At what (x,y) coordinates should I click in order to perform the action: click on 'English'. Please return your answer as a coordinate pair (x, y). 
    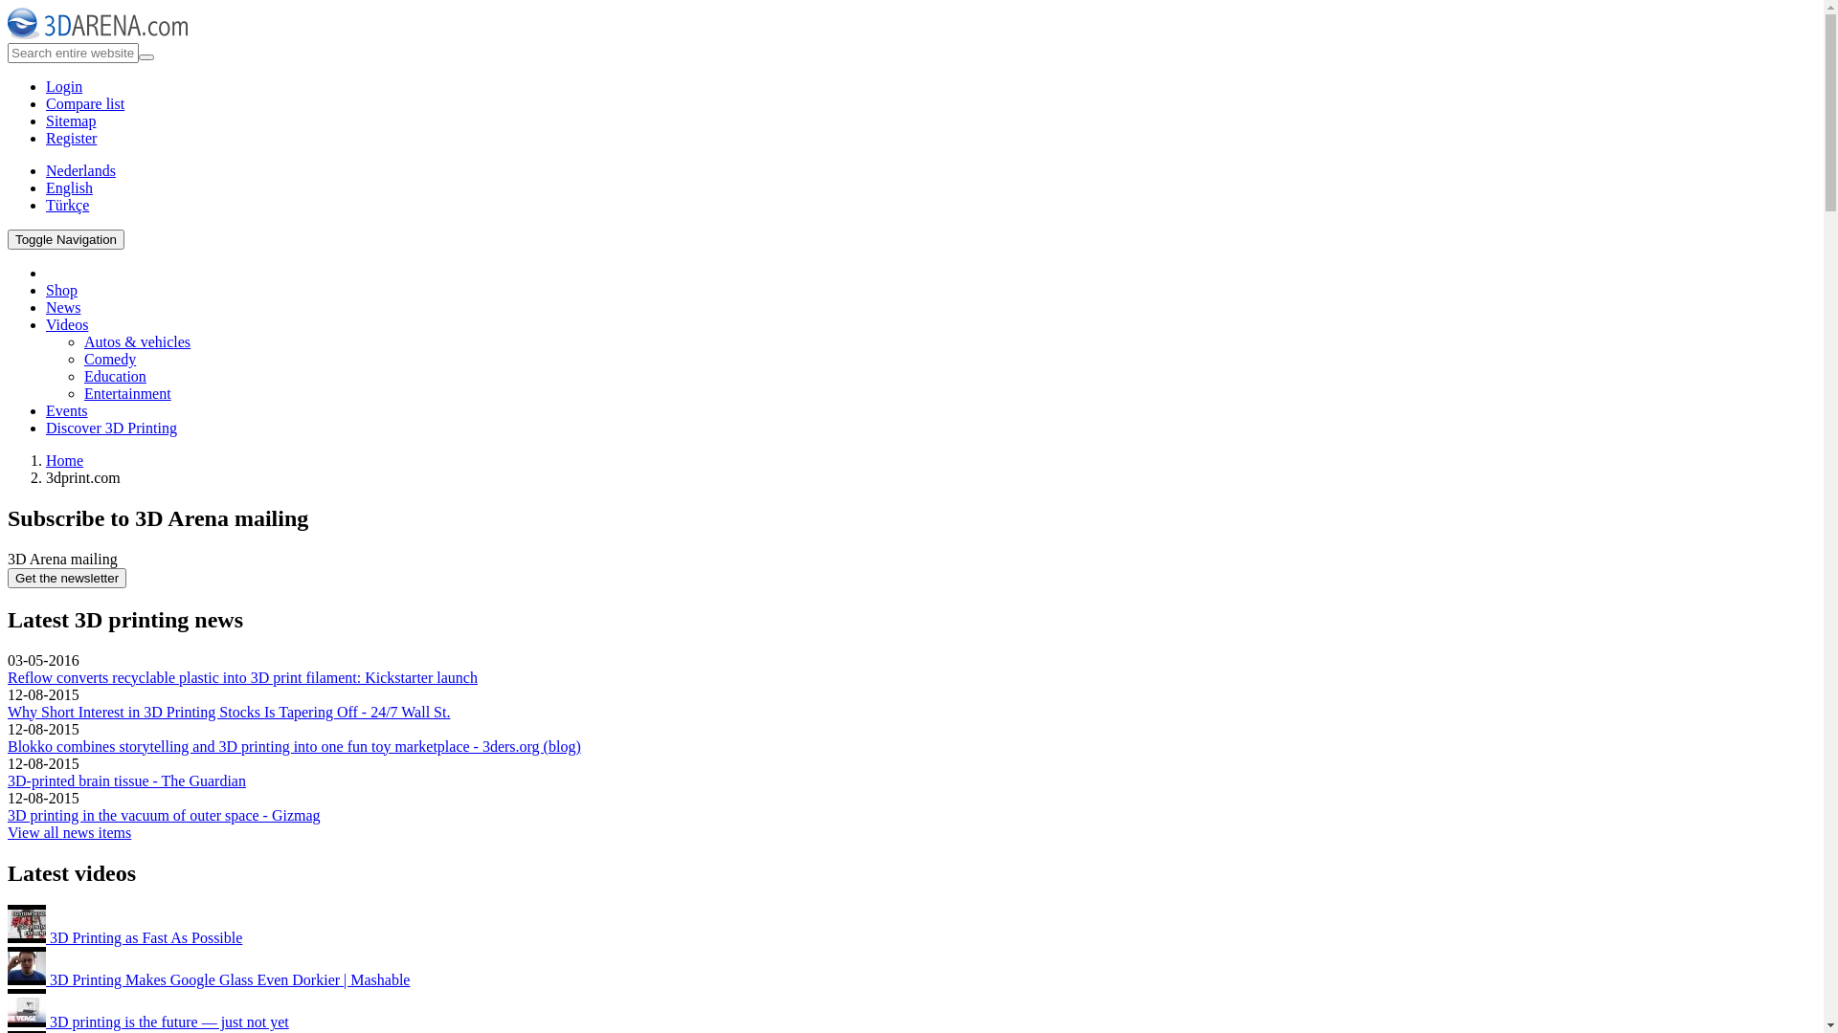
    Looking at the image, I should click on (46, 187).